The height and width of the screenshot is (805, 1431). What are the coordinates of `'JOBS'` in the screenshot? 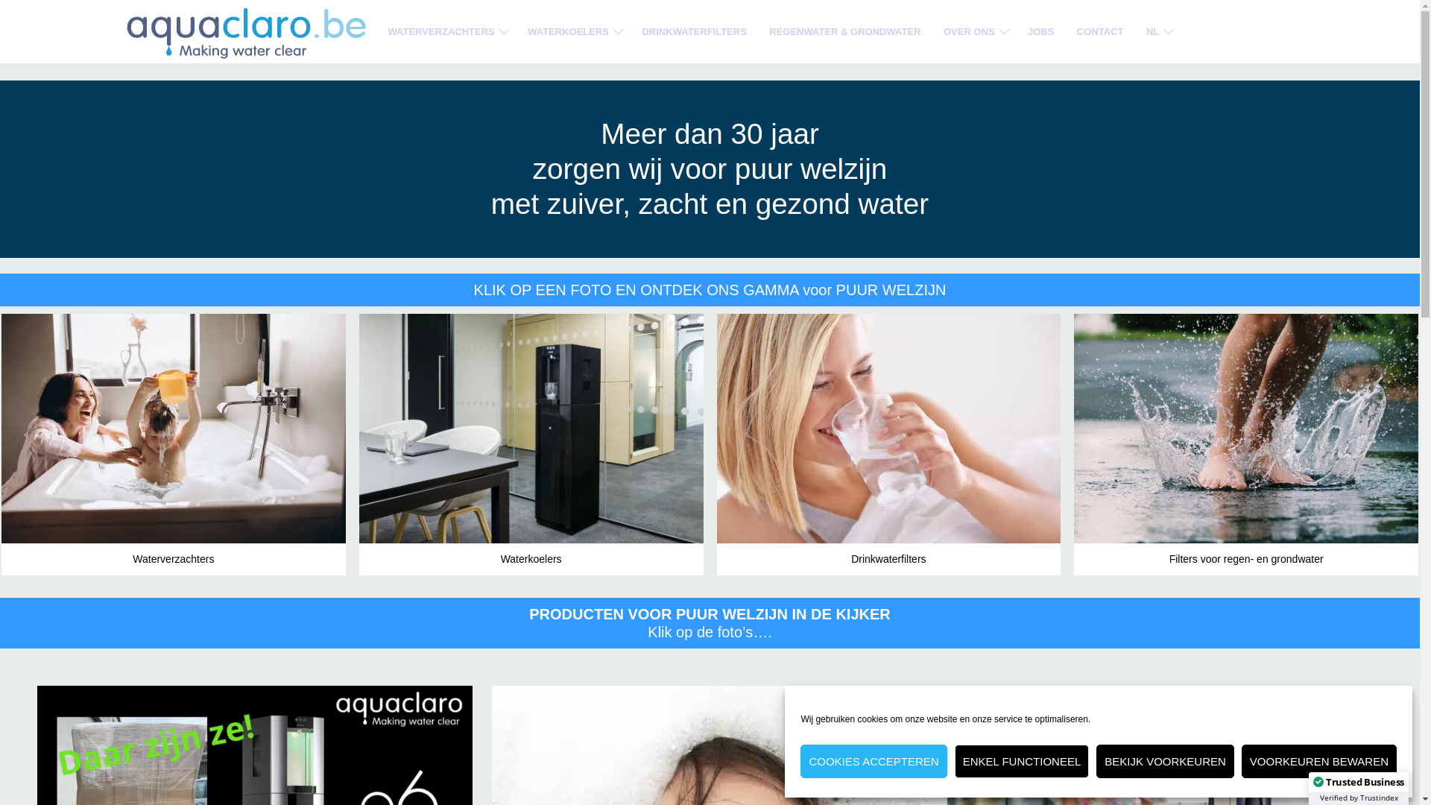 It's located at (1040, 31).